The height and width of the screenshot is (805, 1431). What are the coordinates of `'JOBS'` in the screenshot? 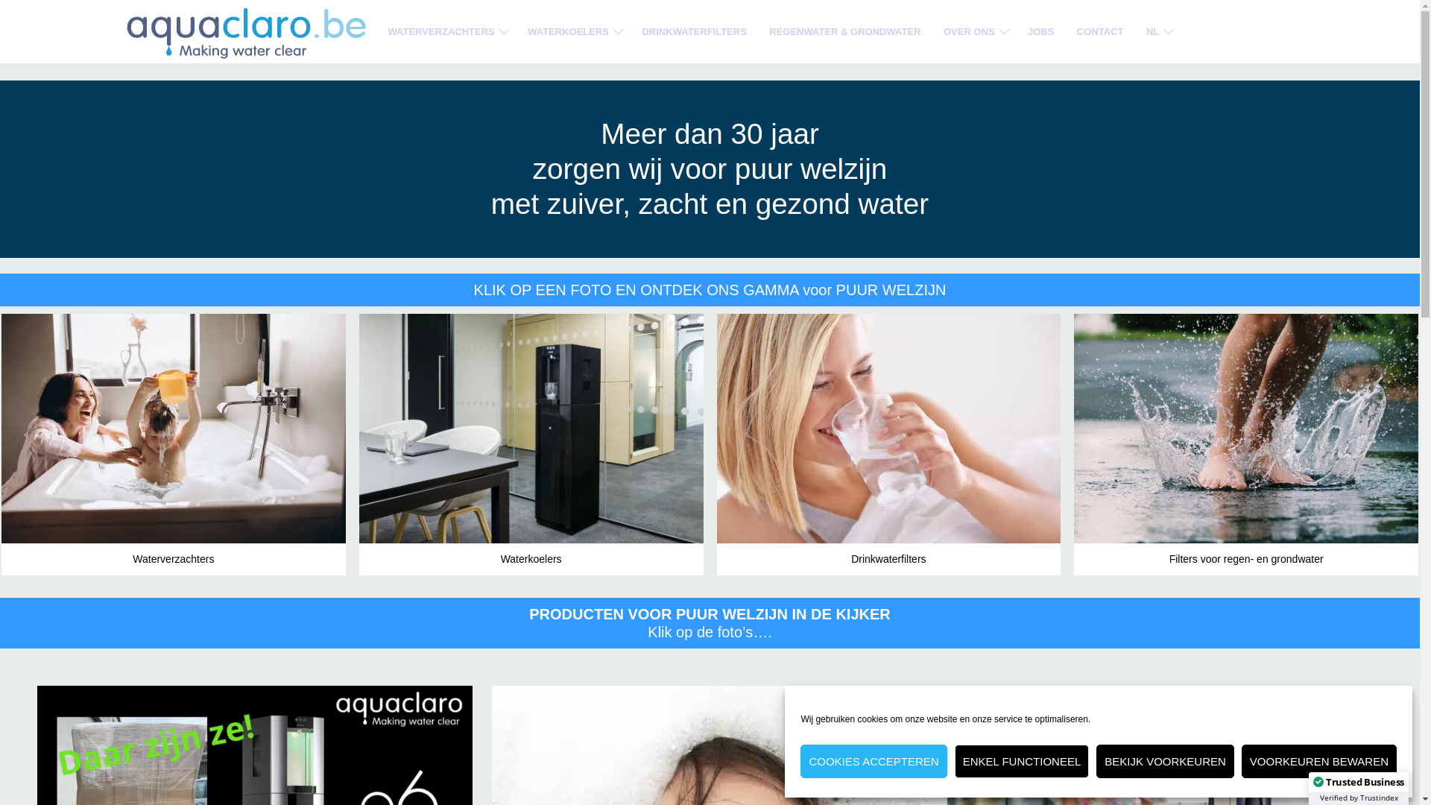 It's located at (1040, 31).